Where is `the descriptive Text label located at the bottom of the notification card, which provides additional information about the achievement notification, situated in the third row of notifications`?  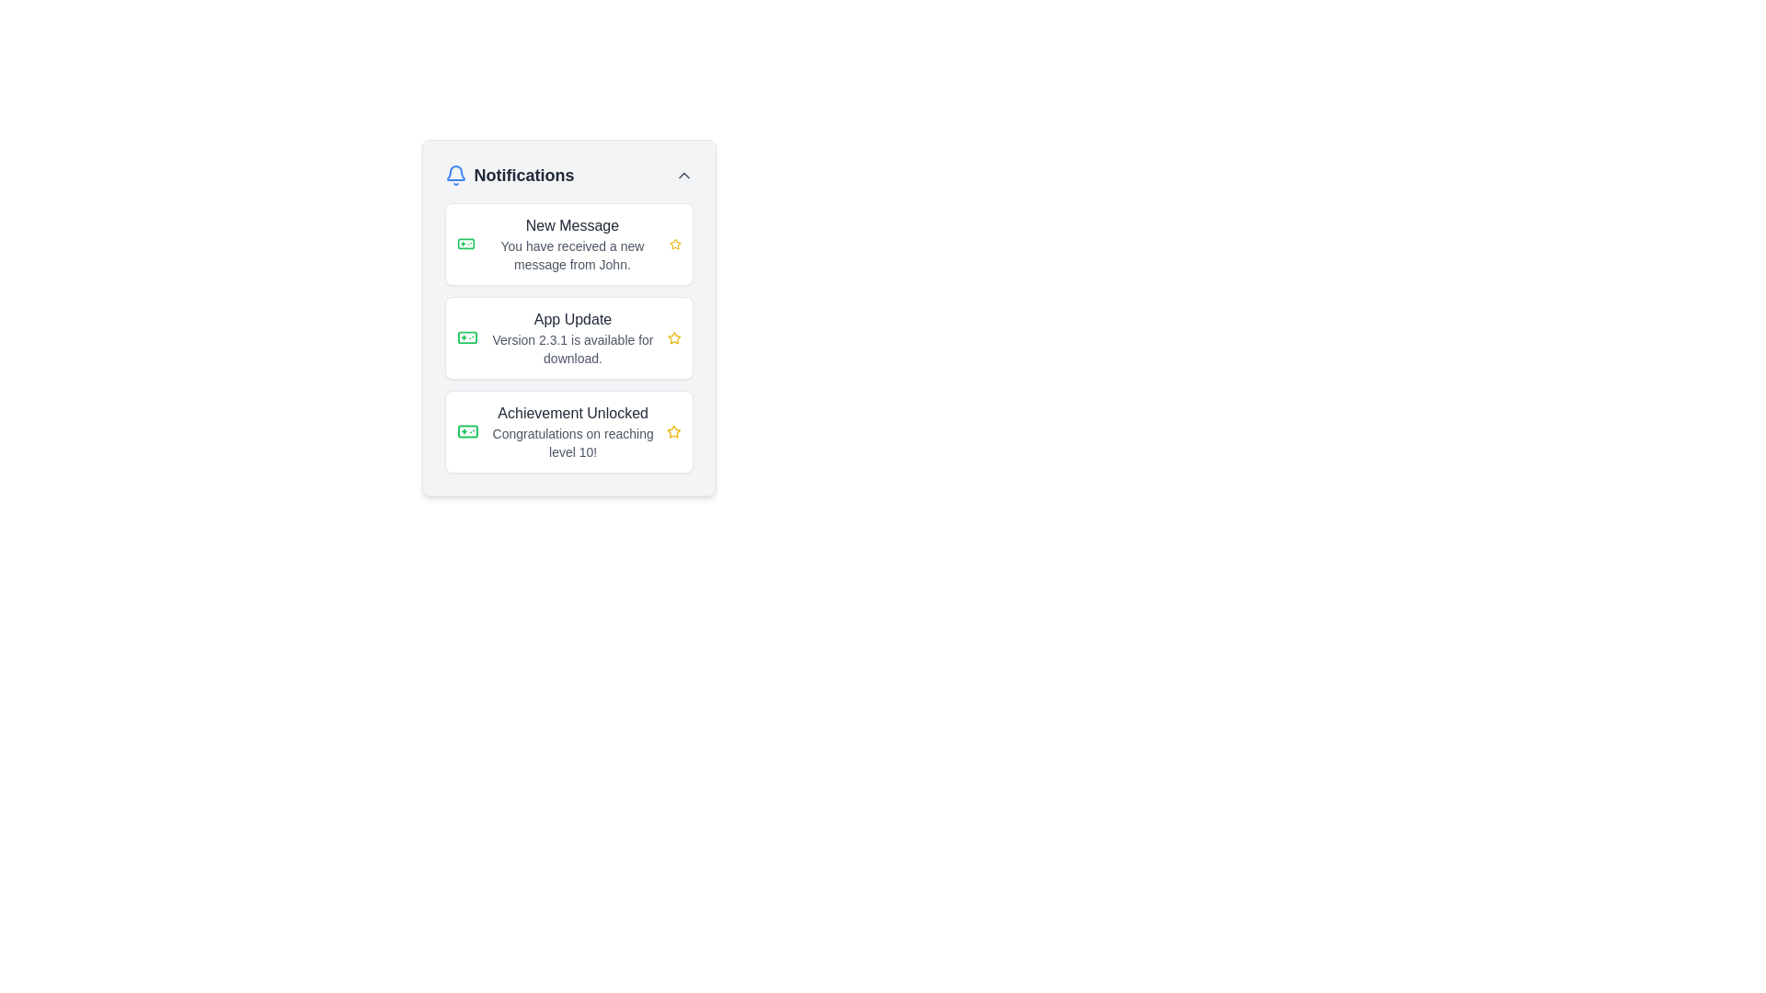 the descriptive Text label located at the bottom of the notification card, which provides additional information about the achievement notification, situated in the third row of notifications is located at coordinates (572, 443).